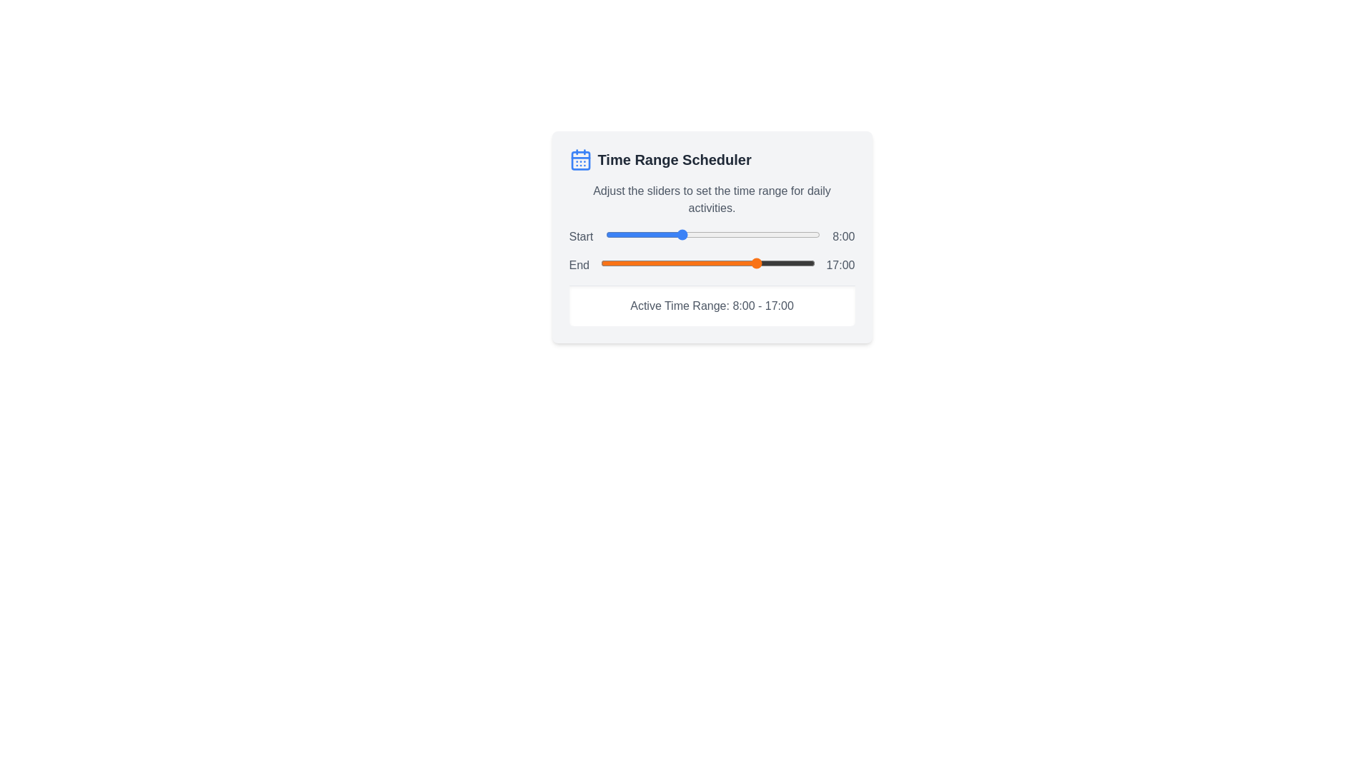 The height and width of the screenshot is (771, 1372). What do you see at coordinates (736, 233) in the screenshot?
I see `the start time slider to 14 hours` at bounding box center [736, 233].